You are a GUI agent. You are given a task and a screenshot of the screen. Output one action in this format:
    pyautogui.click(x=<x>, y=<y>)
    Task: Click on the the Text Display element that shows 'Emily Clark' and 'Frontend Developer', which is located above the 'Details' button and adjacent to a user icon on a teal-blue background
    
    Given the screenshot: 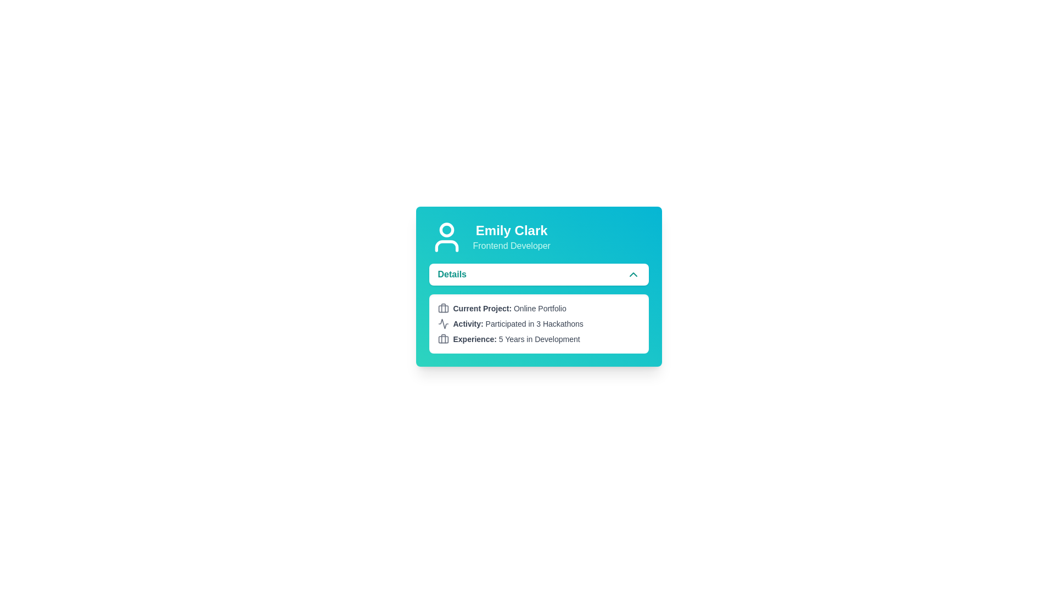 What is the action you would take?
    pyautogui.click(x=539, y=236)
    